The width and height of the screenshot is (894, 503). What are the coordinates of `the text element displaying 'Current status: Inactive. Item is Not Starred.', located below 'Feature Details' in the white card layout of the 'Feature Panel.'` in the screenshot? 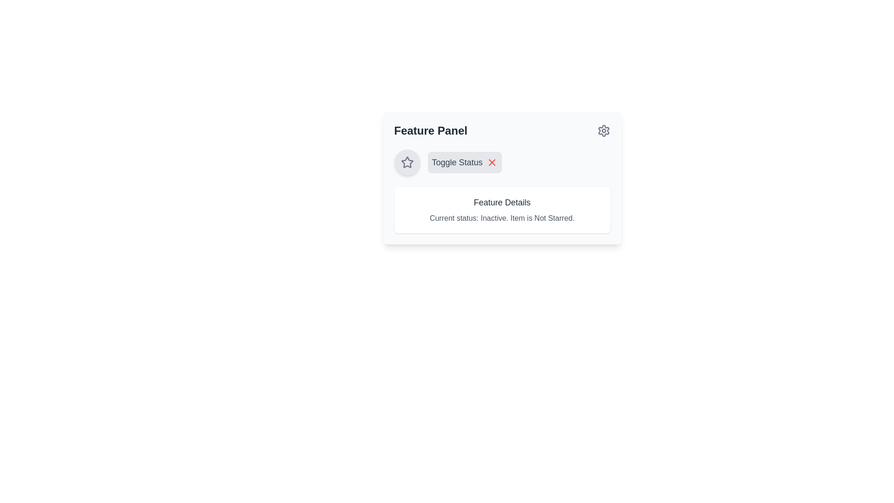 It's located at (501, 218).